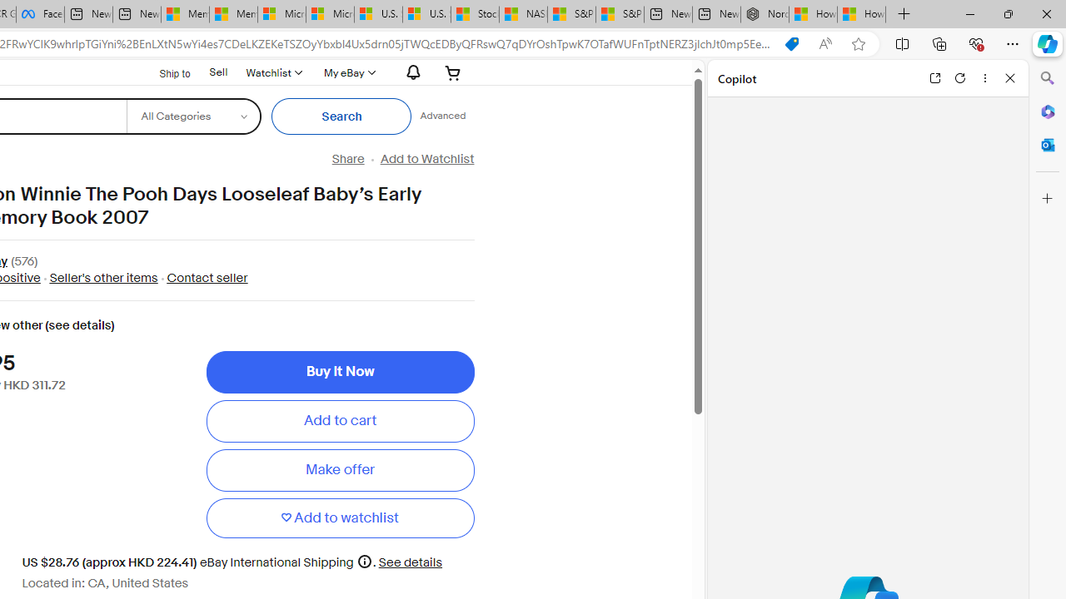 The image size is (1066, 599). What do you see at coordinates (411, 72) in the screenshot?
I see `'AutomationID: gh-eb-Alerts'` at bounding box center [411, 72].